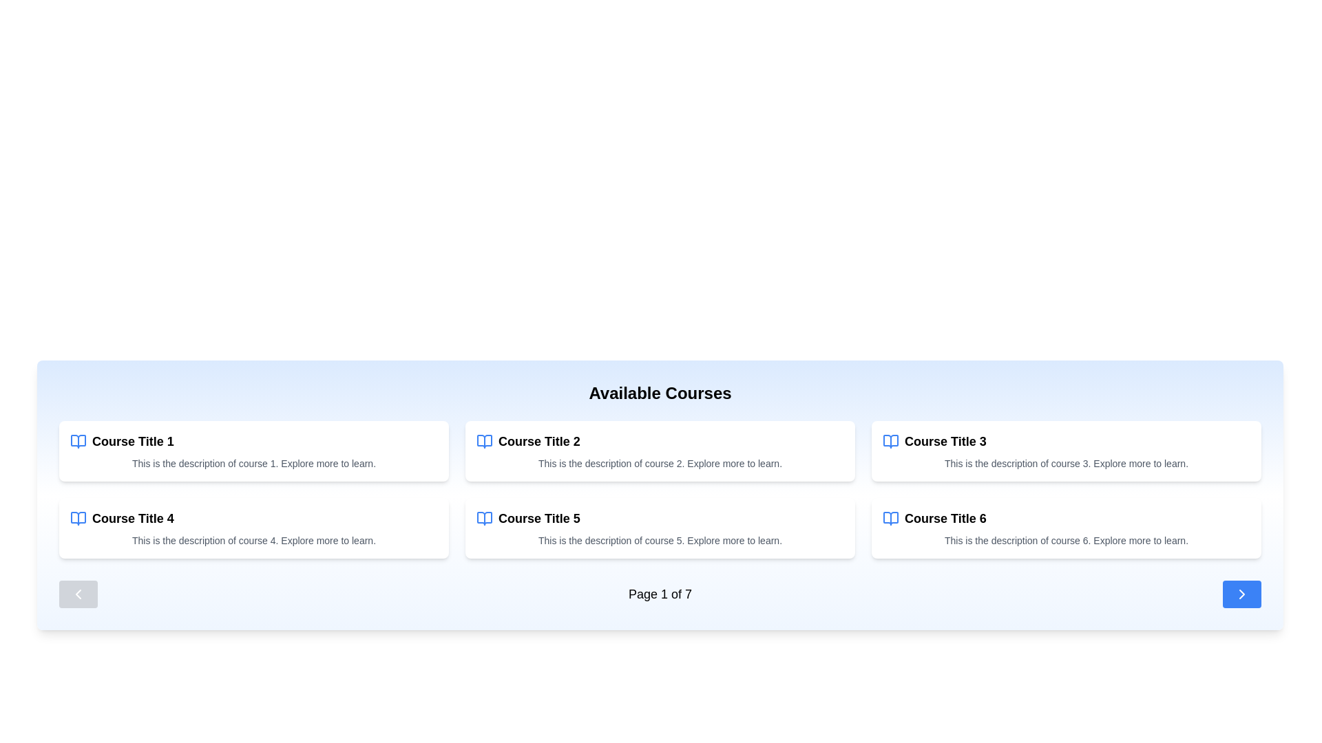 This screenshot has width=1322, height=743. Describe the element at coordinates (78, 441) in the screenshot. I see `the open book icon located next to 'Course Title 1' within the course card in the top-left position of the grid layout` at that location.